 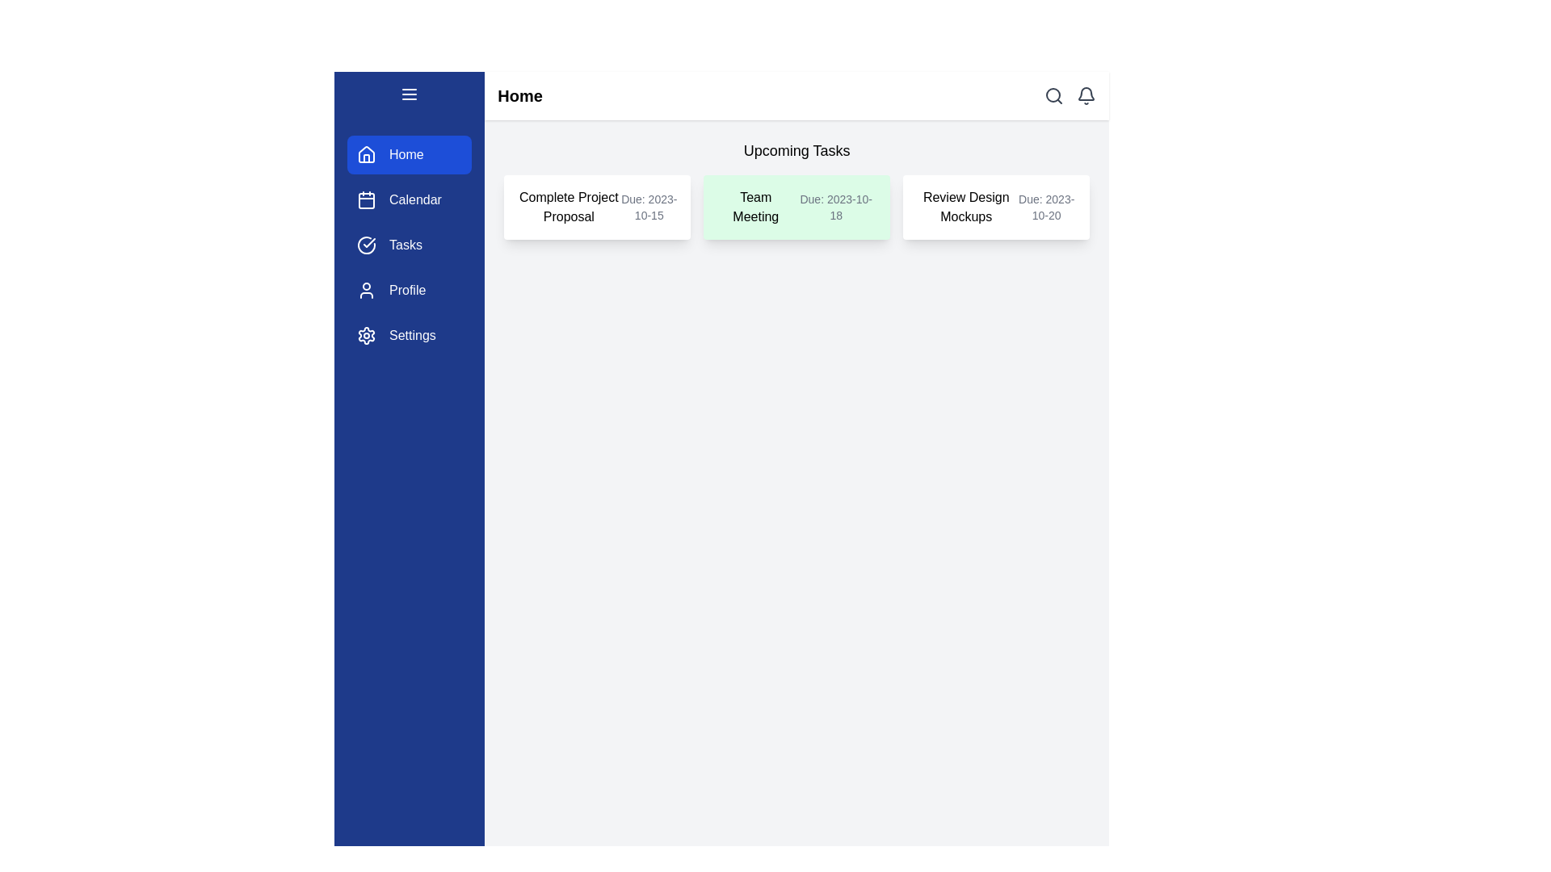 I want to click on the SVG Circle element that represents the inner circle of a search icon located at the top-right corner of the header bar layout, so click(x=1053, y=95).